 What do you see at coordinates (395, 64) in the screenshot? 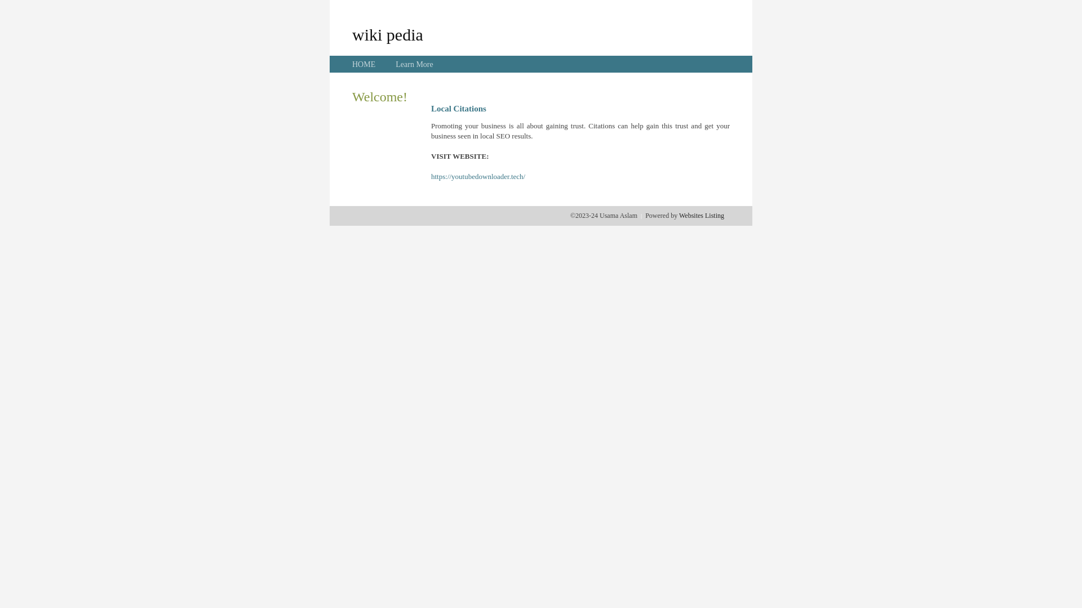
I see `'Learn More'` at bounding box center [395, 64].